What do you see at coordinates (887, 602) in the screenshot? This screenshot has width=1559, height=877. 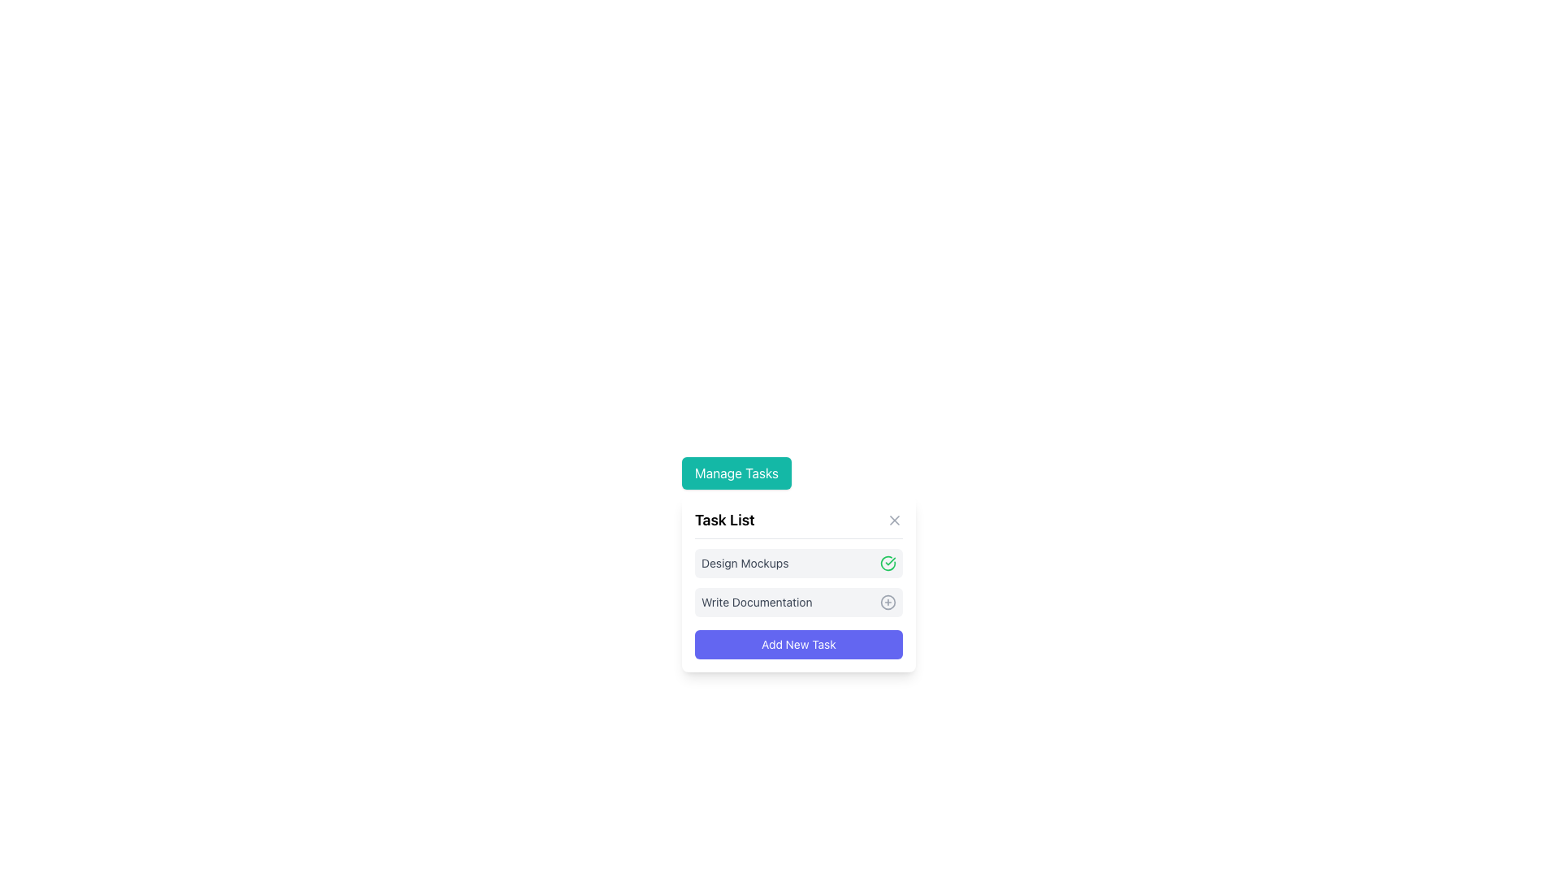 I see `the circular button with a plus symbol inside, located to the right of the 'Write Documentation' task item in the task list` at bounding box center [887, 602].